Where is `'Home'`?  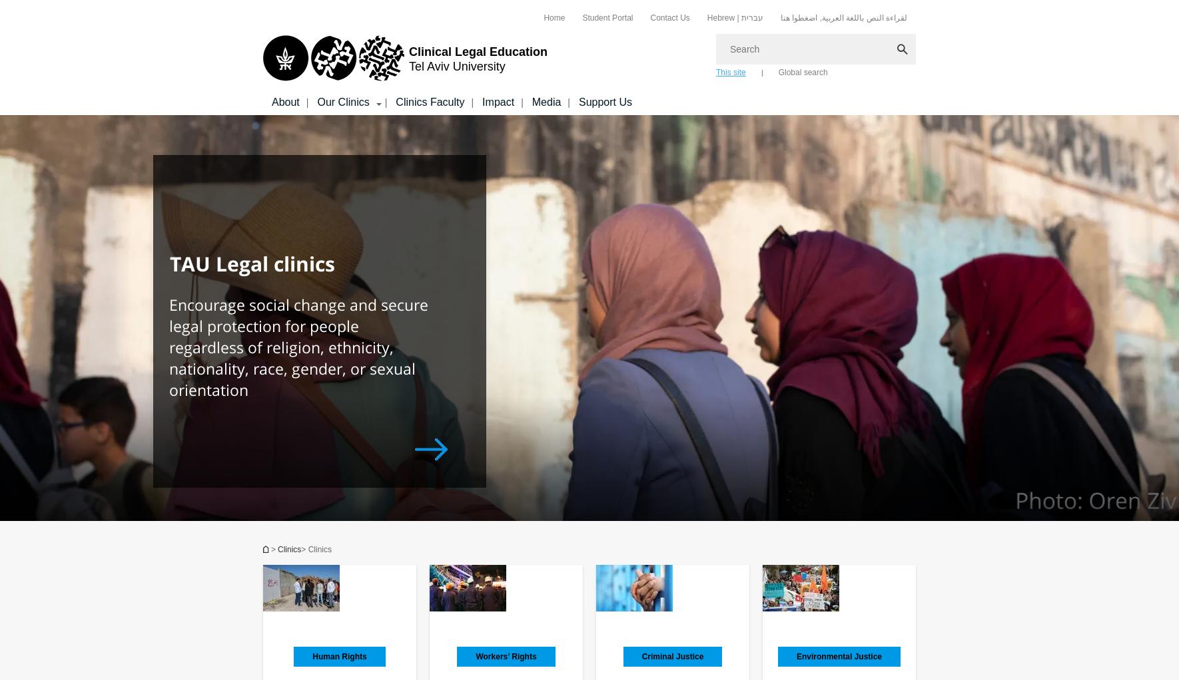
'Home' is located at coordinates (543, 17).